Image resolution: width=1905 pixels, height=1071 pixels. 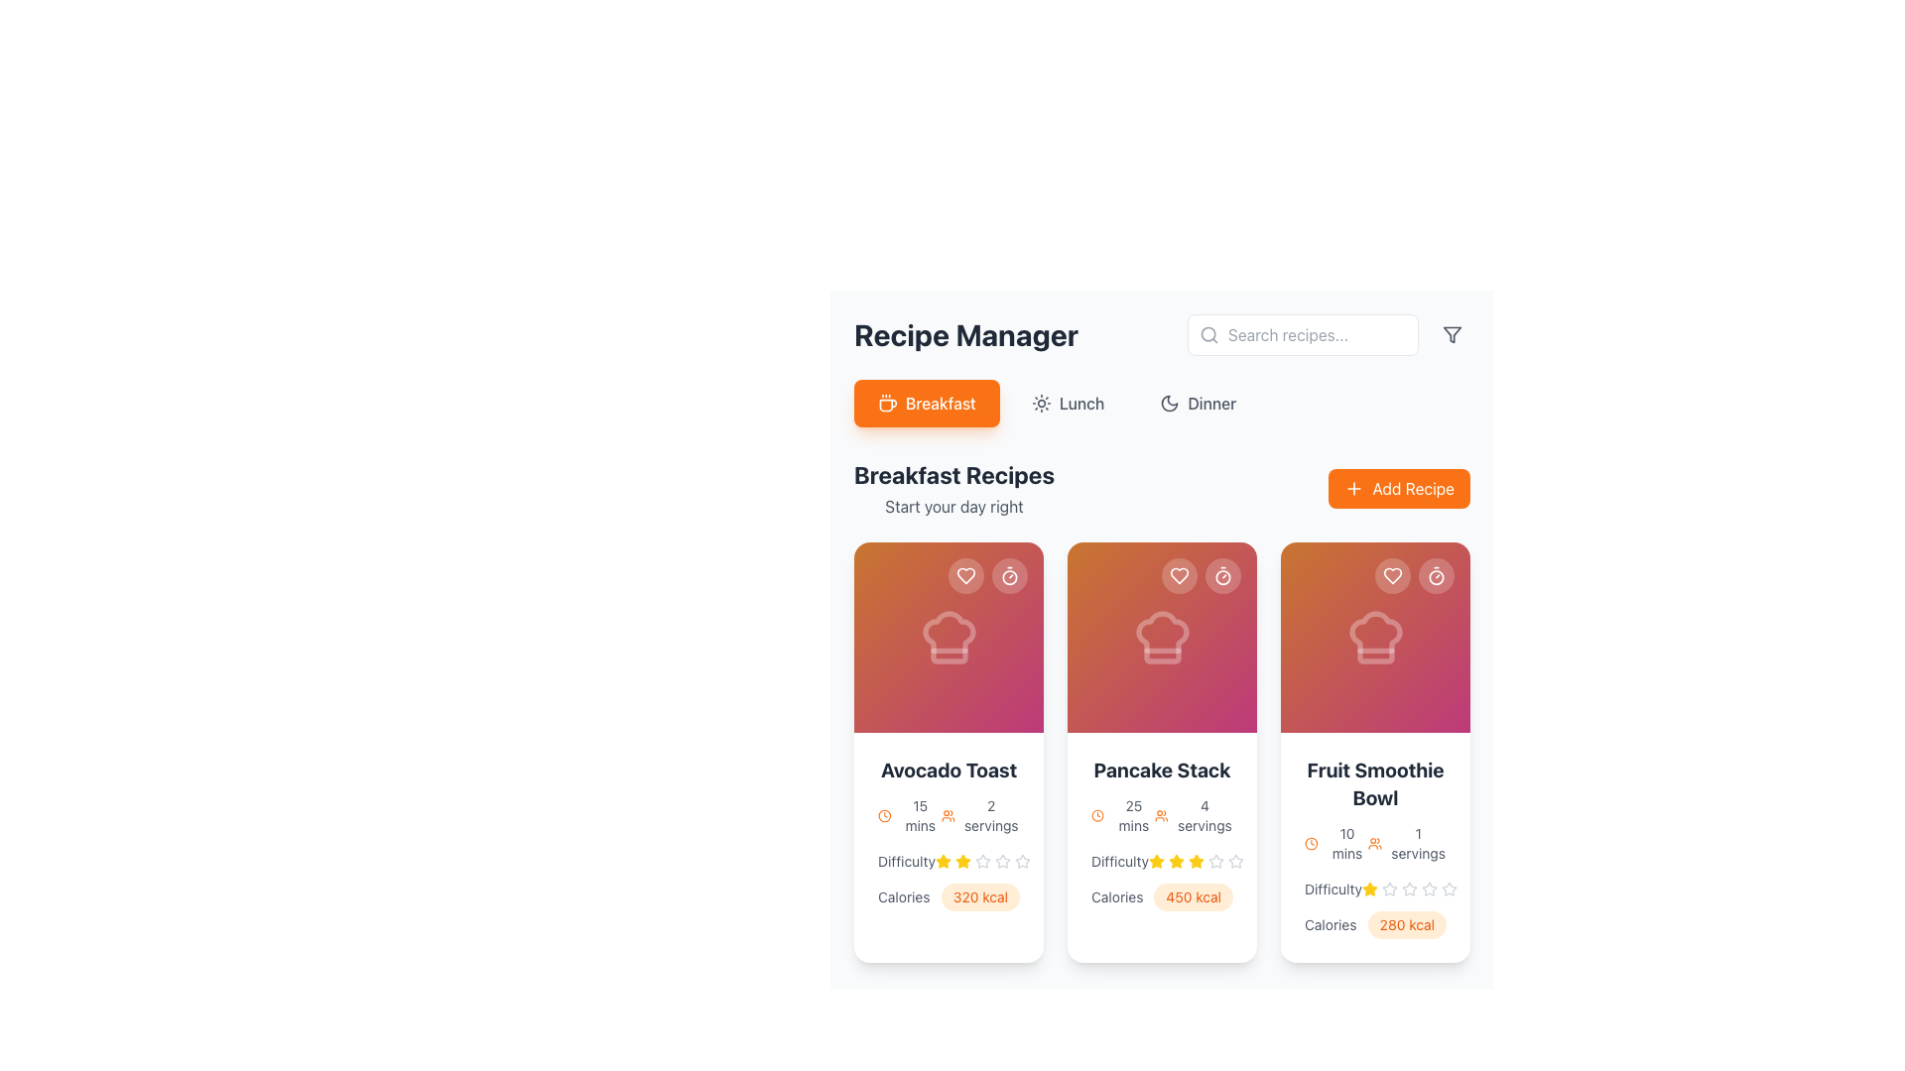 I want to click on the timer icon located at the top-right corner of the 'Avocado Toast' recipe card, so click(x=1009, y=576).